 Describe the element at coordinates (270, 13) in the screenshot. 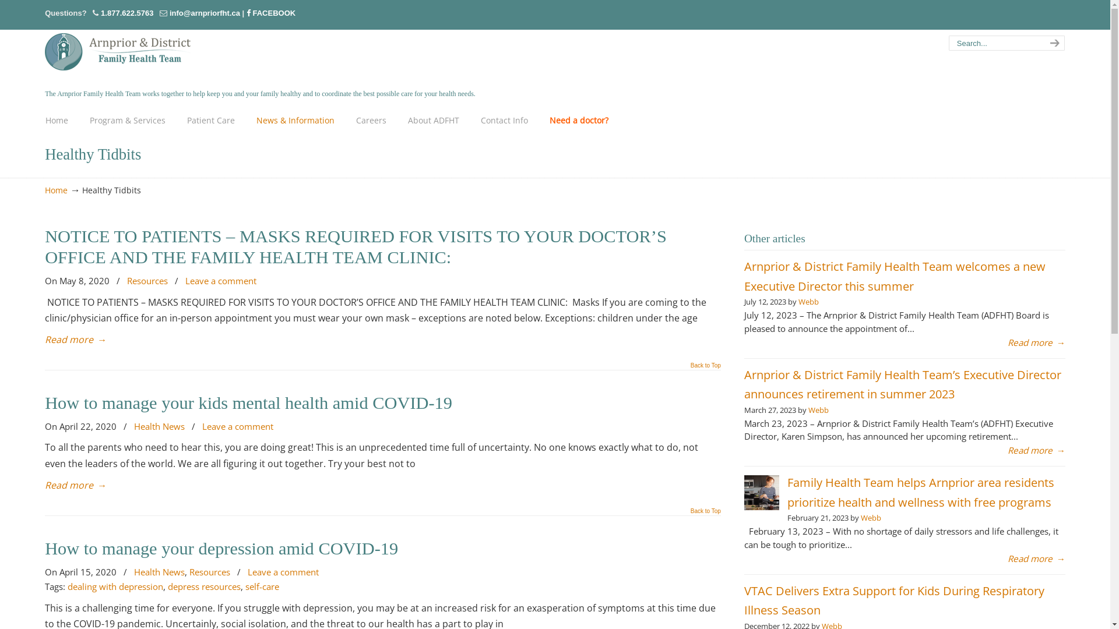

I see `'FACEBOOK'` at that location.